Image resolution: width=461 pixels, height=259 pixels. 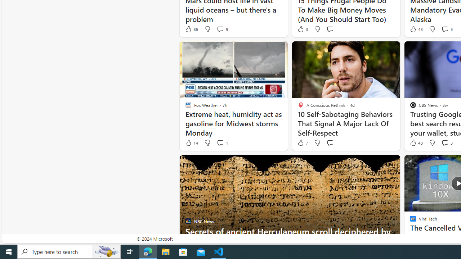 I want to click on '43 Like', so click(x=416, y=29).